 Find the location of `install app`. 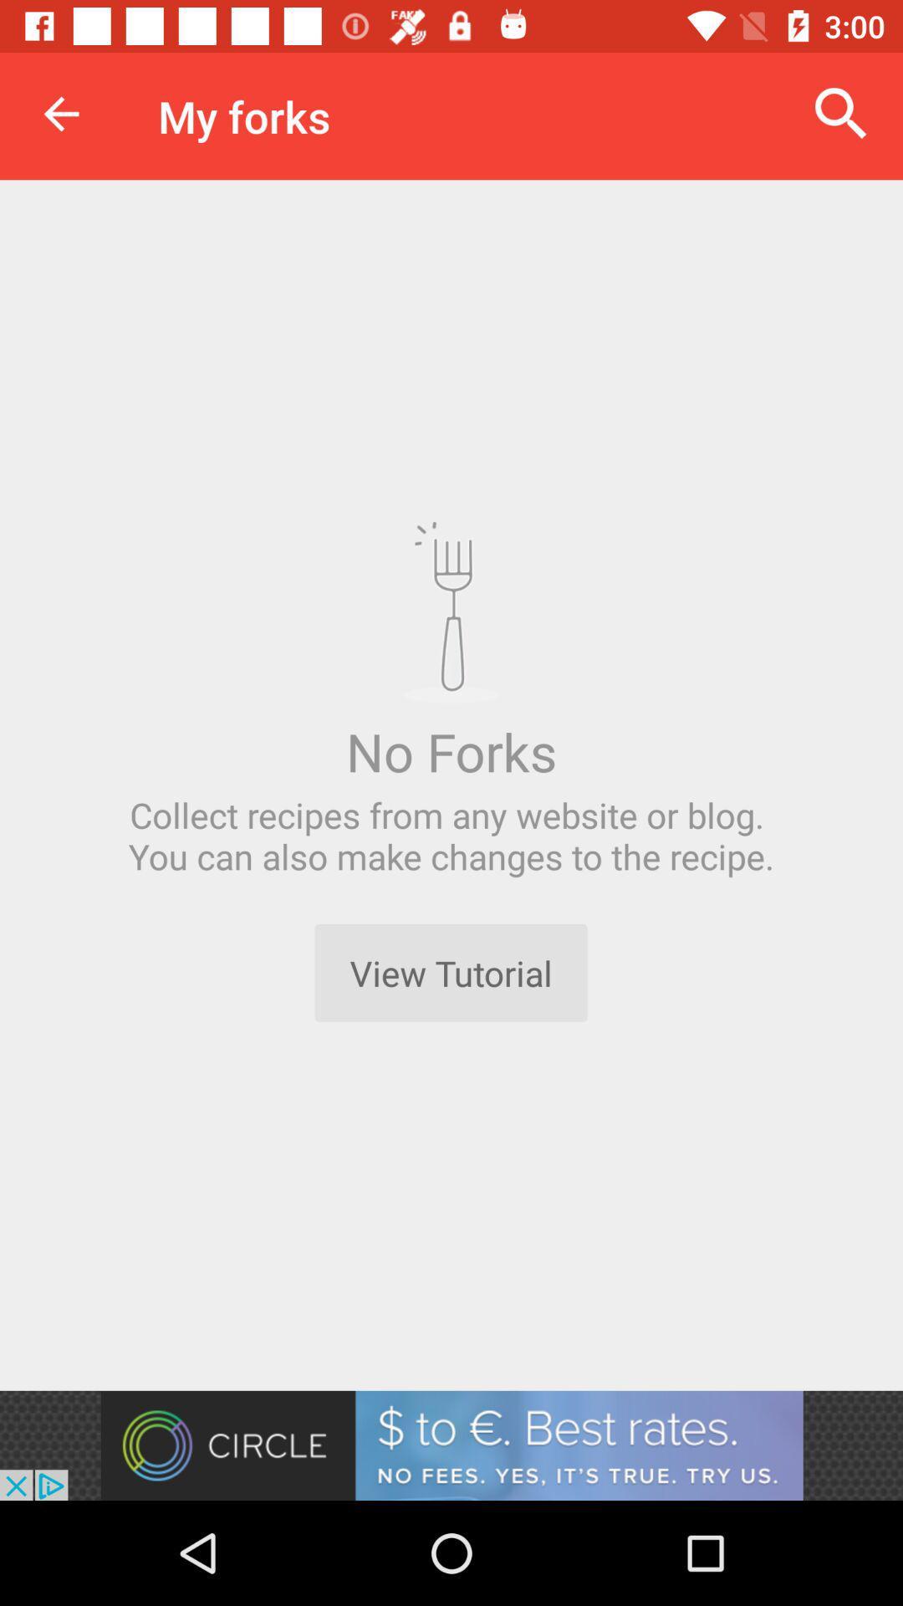

install app is located at coordinates (451, 1445).